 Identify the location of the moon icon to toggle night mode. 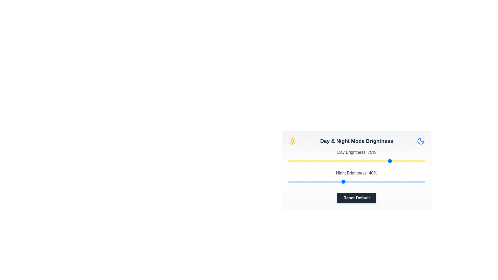
(421, 141).